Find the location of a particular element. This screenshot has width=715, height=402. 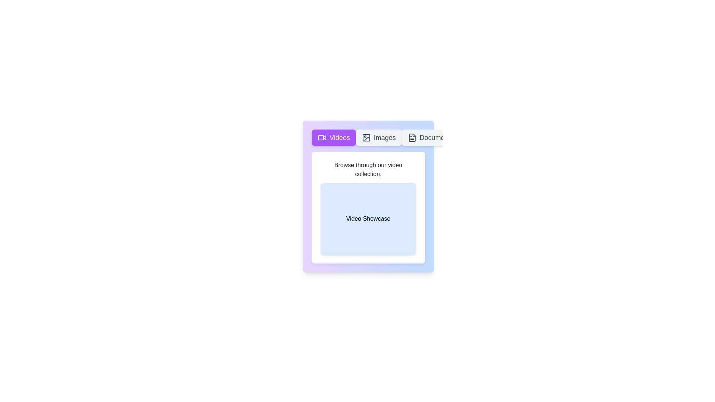

the stylized document icon is located at coordinates (411, 138).